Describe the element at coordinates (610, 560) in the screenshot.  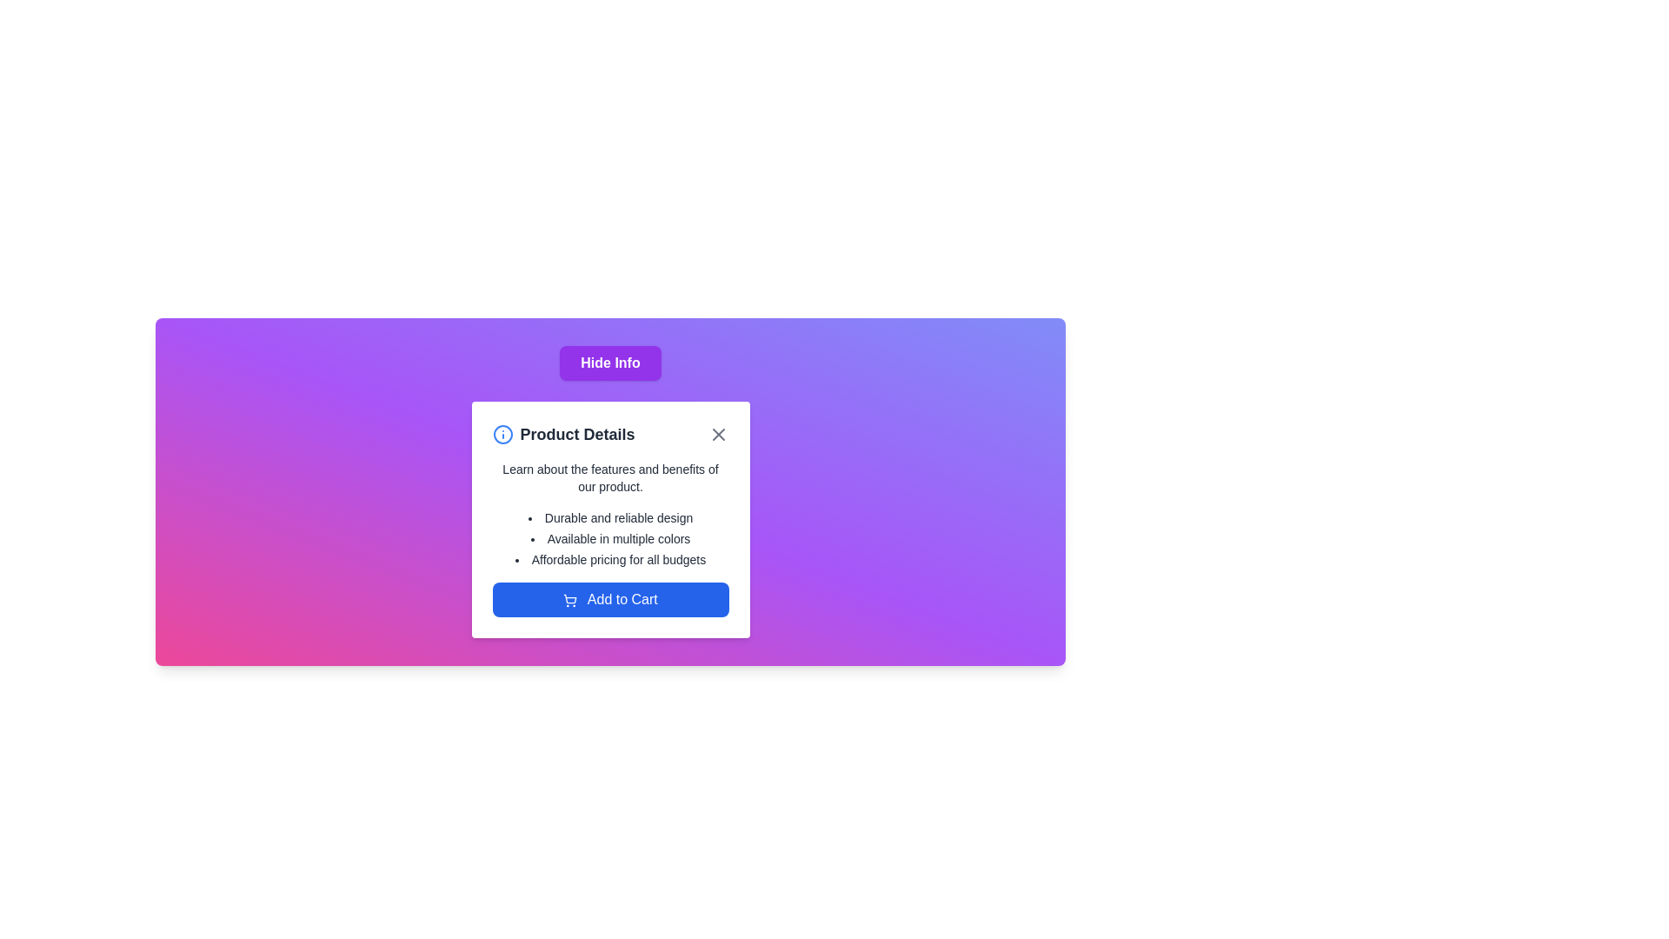
I see `the static text list item that states 'Affordable pricing for all budgets', which is the third item in the bullet-point list in the 'Product Details' dialog box` at that location.